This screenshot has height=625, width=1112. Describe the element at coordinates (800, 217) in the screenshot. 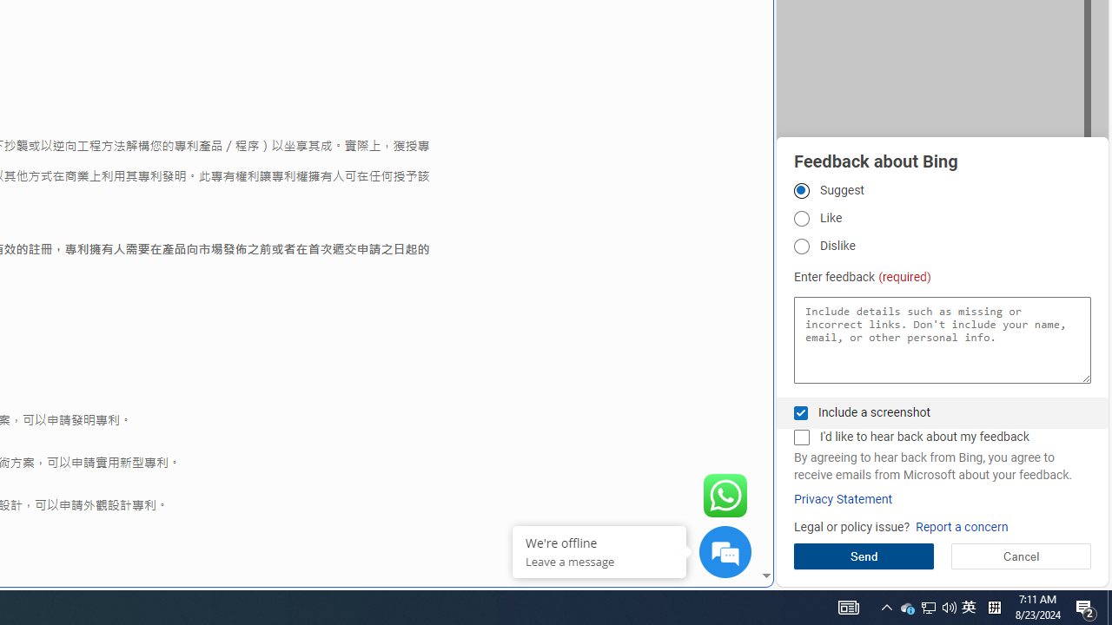

I see `'Like'` at that location.